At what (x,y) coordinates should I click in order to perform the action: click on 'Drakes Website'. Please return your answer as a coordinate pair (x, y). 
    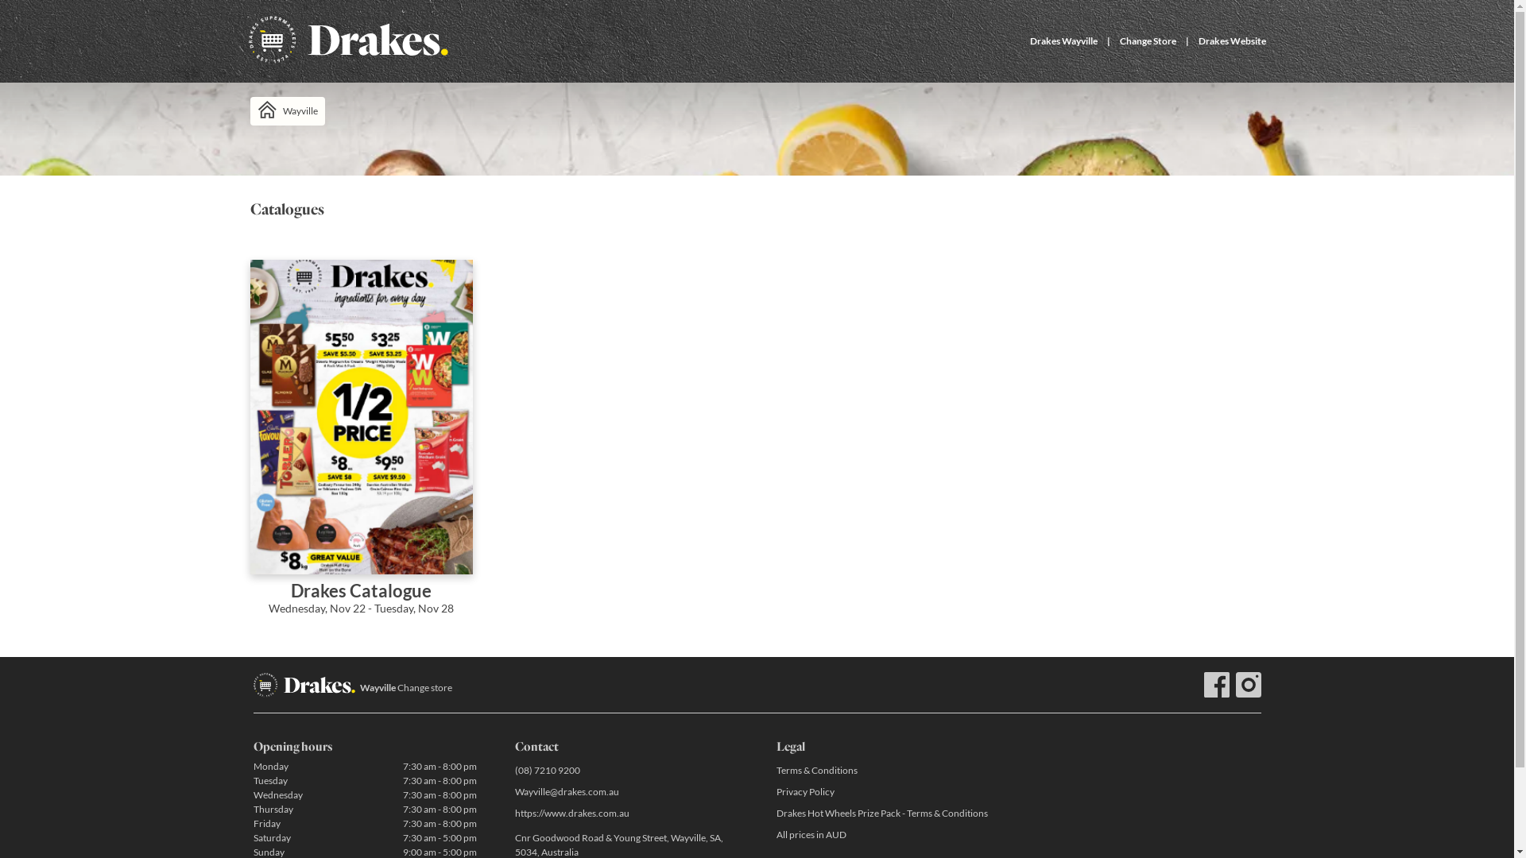
    Looking at the image, I should click on (1231, 40).